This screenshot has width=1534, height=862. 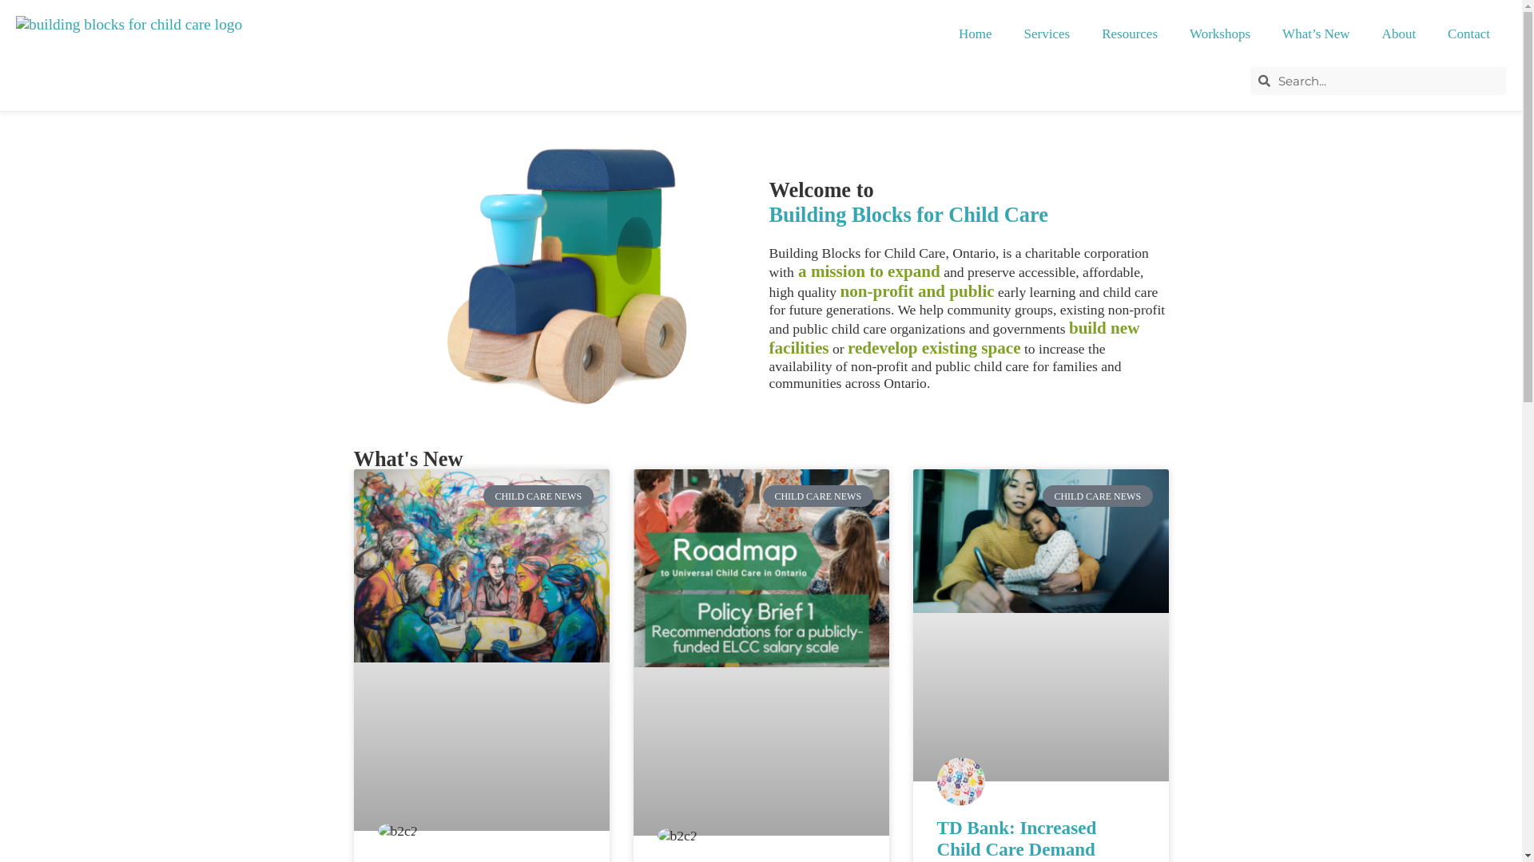 What do you see at coordinates (974, 34) in the screenshot?
I see `'Home'` at bounding box center [974, 34].